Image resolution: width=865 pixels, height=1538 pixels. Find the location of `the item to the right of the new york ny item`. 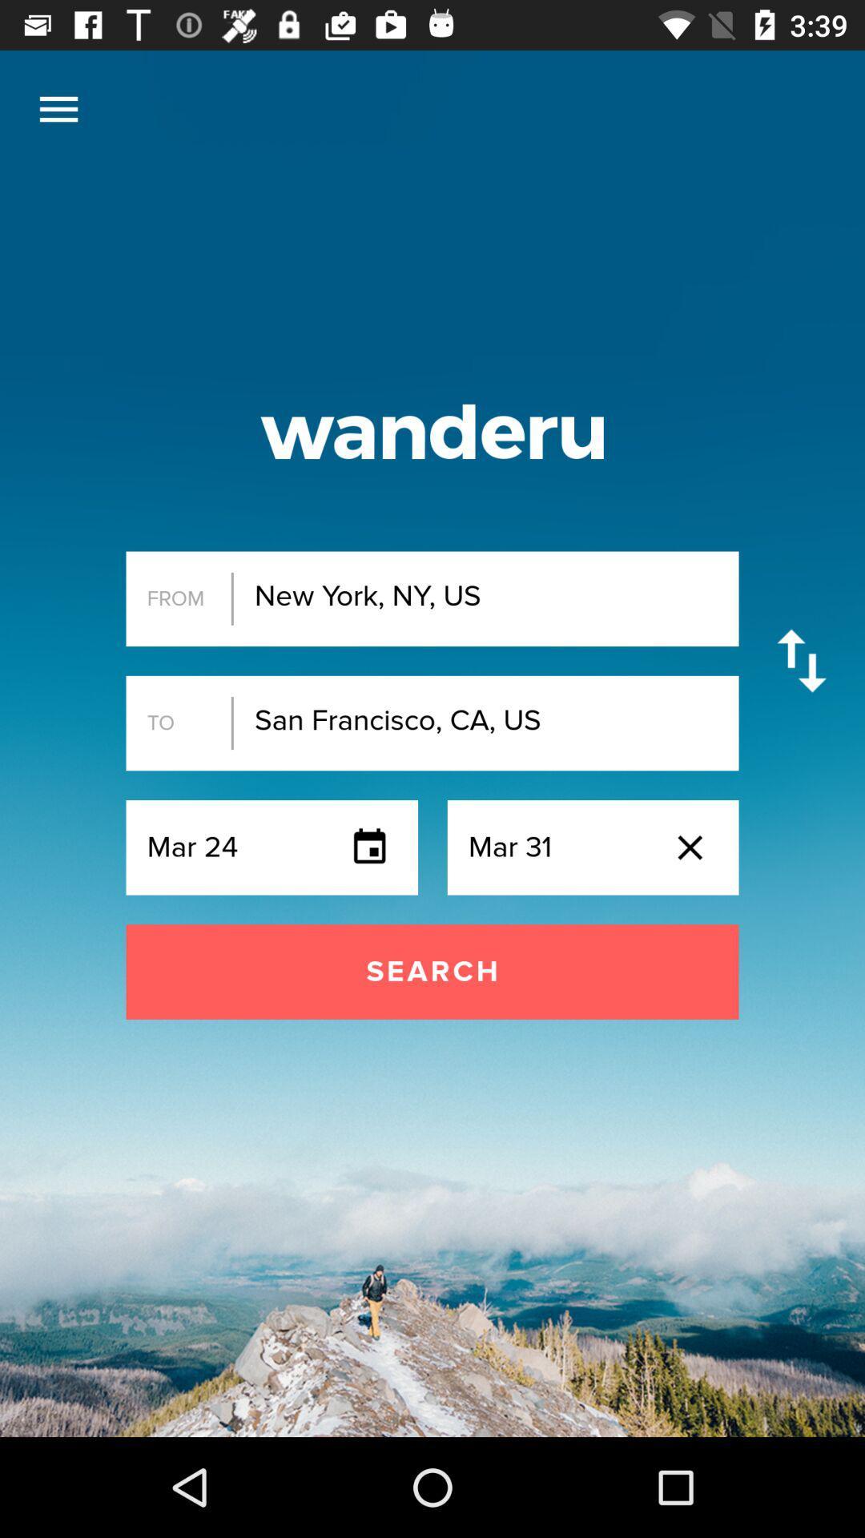

the item to the right of the new york ny item is located at coordinates (802, 661).